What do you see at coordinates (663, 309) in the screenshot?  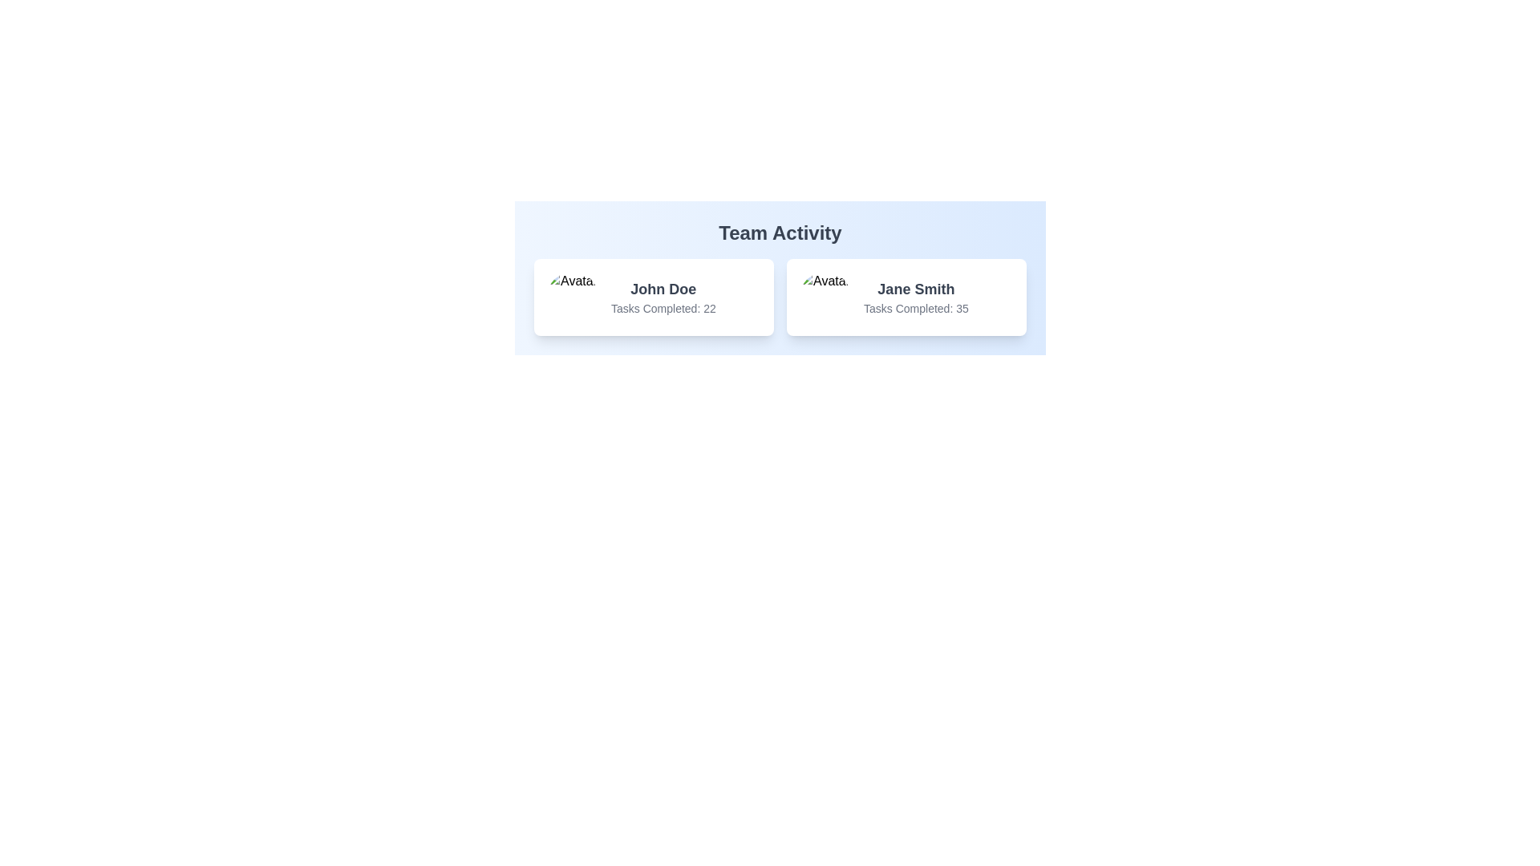 I see `the text label displaying the number of tasks completed by John Doe, positioned below his name in the Team Activity section` at bounding box center [663, 309].